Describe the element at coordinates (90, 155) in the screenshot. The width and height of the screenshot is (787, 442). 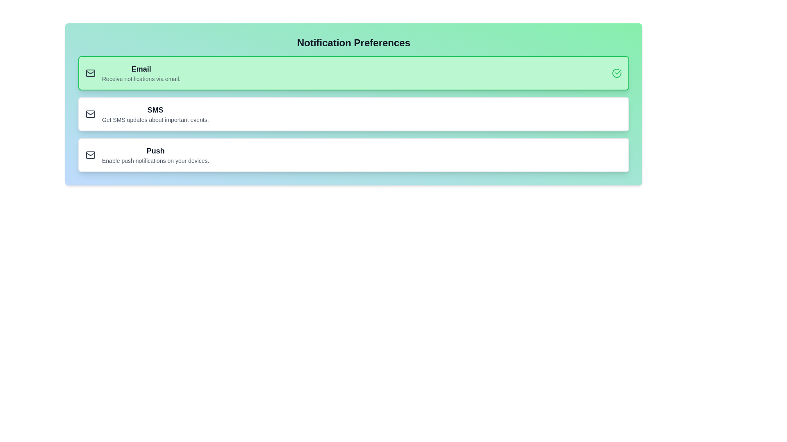
I see `the rectangular body of the envelope icon located in the left section of the 'Push' notification option` at that location.